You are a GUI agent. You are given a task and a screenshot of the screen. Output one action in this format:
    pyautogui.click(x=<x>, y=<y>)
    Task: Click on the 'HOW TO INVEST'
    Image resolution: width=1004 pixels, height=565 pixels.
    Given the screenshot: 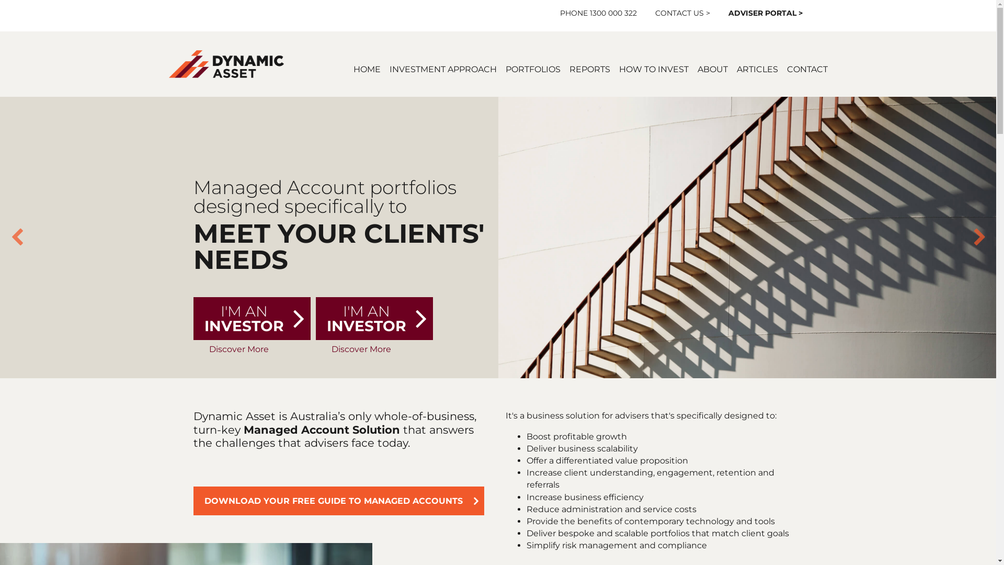 What is the action you would take?
    pyautogui.click(x=653, y=69)
    